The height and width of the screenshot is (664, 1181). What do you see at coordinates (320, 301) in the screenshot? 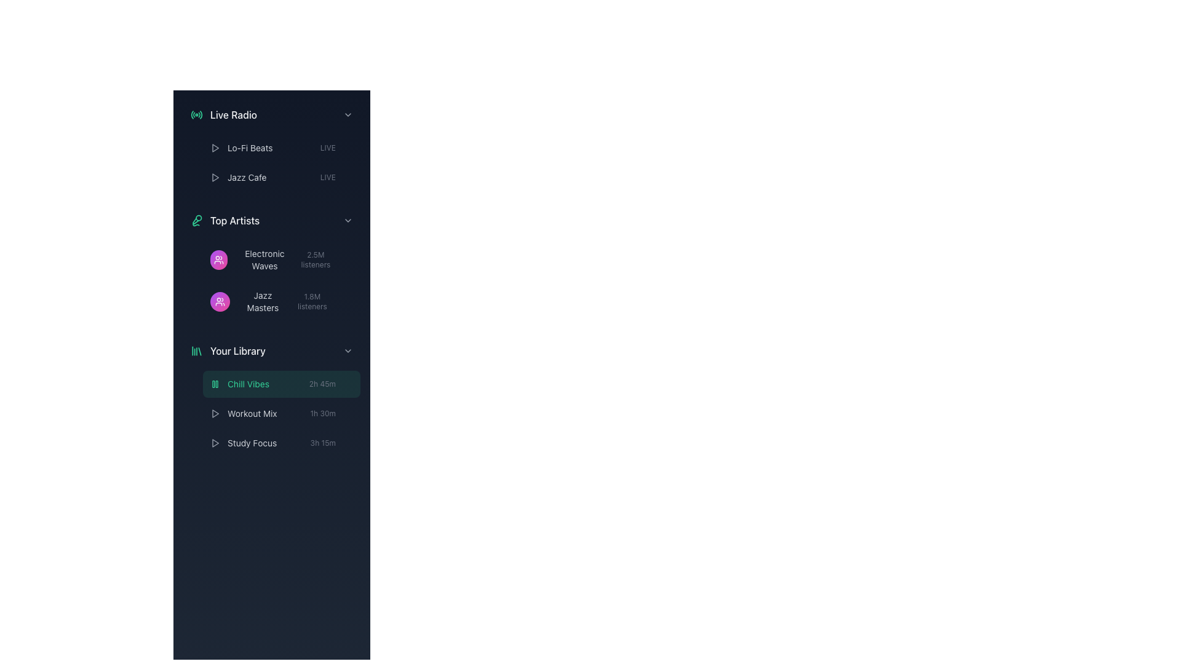
I see `the text displaying the number of listeners for the artist 'Jazz Masters', which is located in the 'Top Artists' section and aligned to the right of the artist's name` at bounding box center [320, 301].